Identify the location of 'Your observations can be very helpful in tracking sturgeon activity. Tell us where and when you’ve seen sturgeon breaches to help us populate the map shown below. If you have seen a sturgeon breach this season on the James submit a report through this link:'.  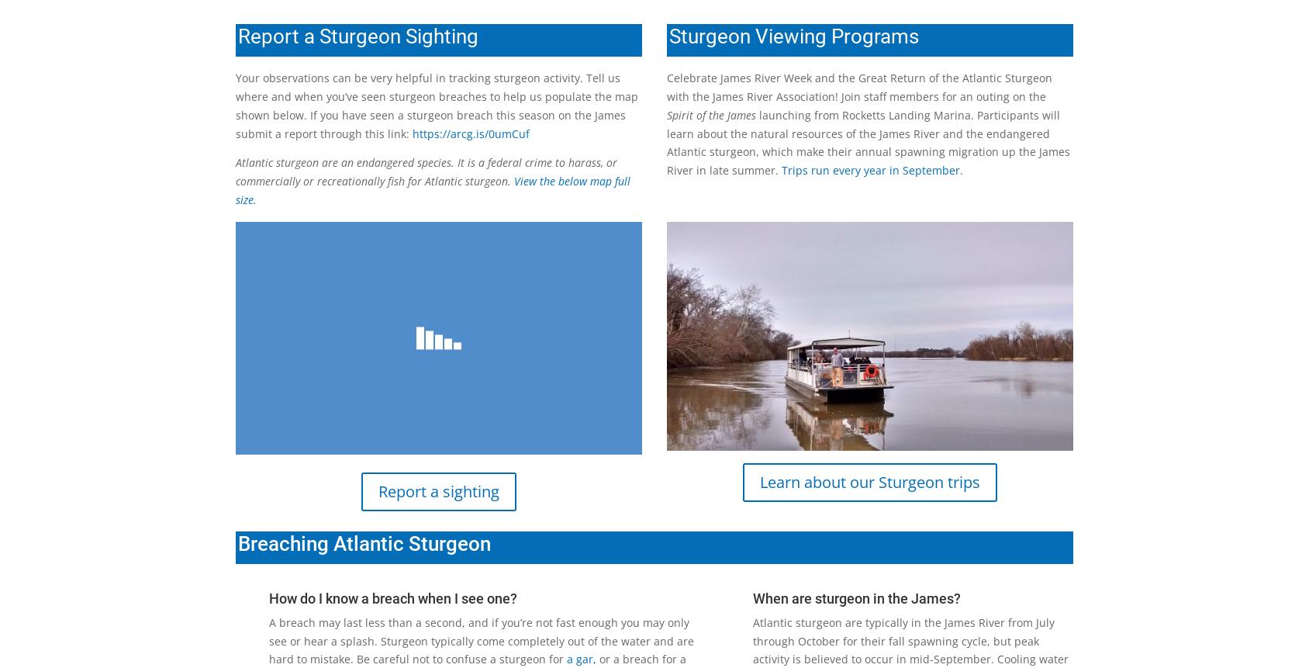
(437, 106).